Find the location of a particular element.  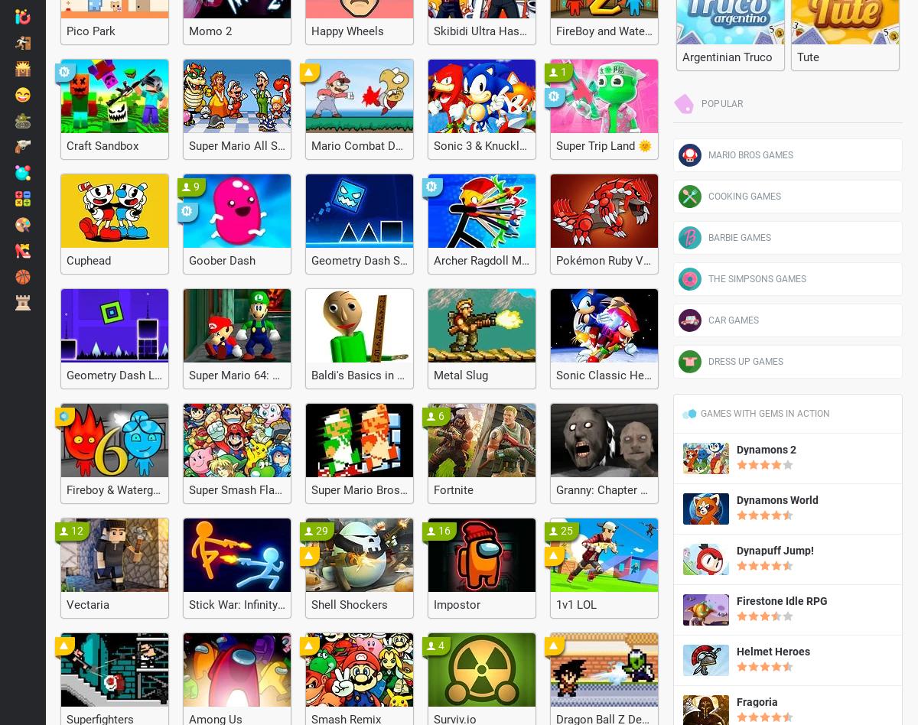

'The Simpsons Games' is located at coordinates (757, 278).